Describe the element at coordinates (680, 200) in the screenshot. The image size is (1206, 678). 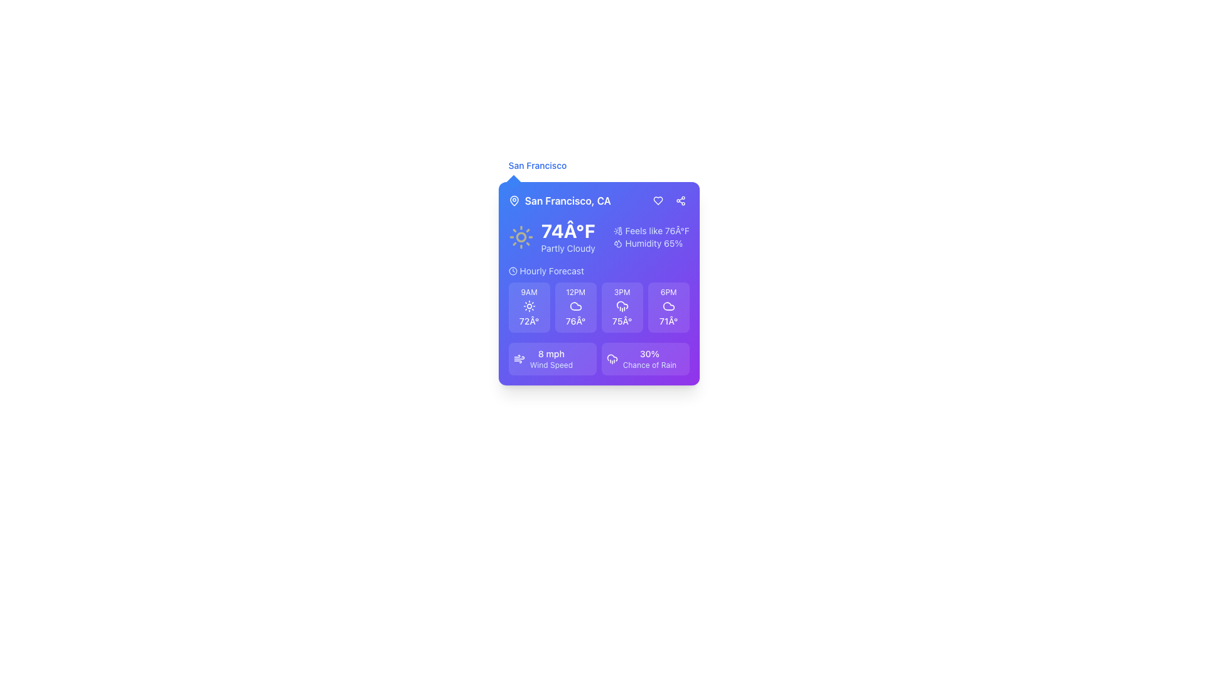
I see `the three-node share icon, which is located near the upper right corner of the weather widget on a purple background, to share` at that location.